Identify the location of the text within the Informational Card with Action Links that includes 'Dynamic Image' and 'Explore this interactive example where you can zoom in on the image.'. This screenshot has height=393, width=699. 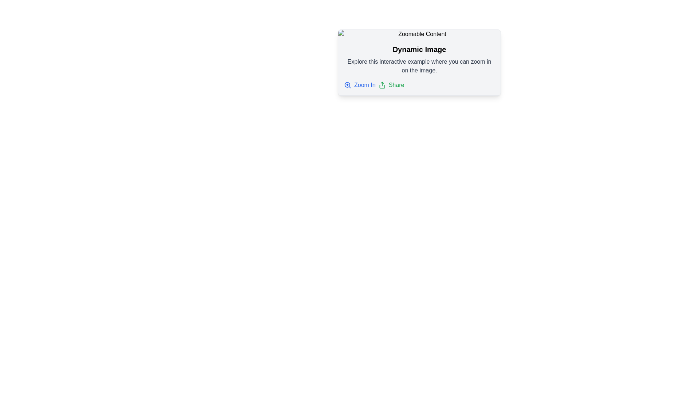
(419, 67).